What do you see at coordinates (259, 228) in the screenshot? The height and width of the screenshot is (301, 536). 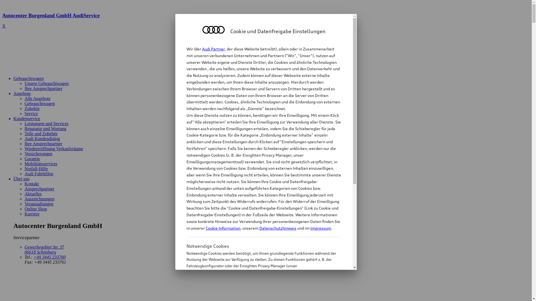 I see `'Datenschutzhinweis'` at bounding box center [259, 228].